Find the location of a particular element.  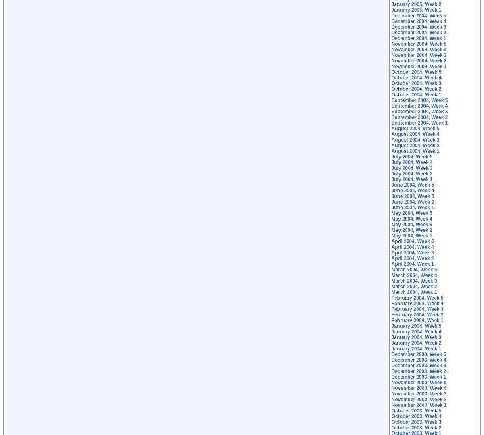

'July 2004, Week 4' is located at coordinates (411, 162).